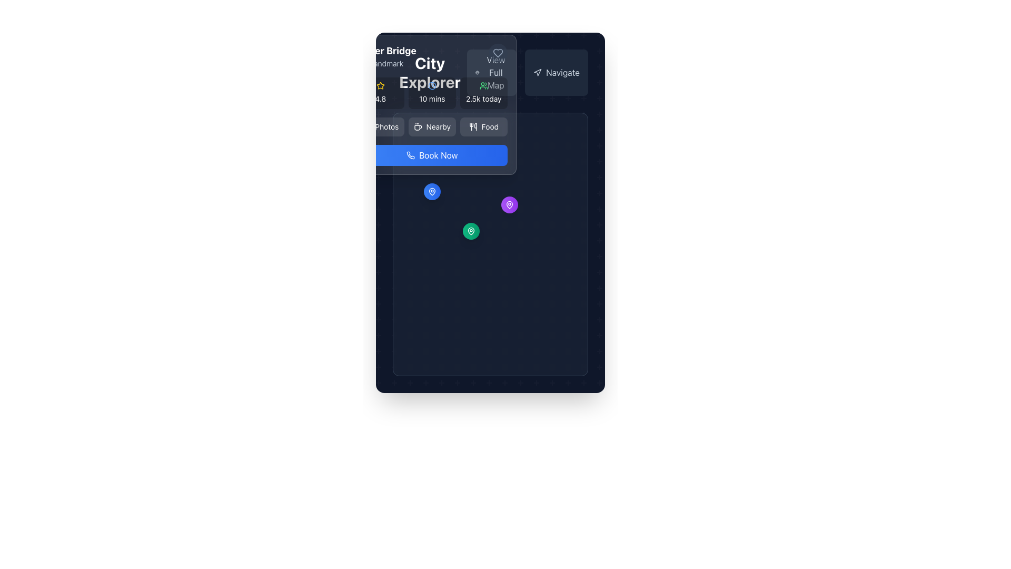 The height and width of the screenshot is (569, 1011). Describe the element at coordinates (510, 205) in the screenshot. I see `the purple map marker icon located in the top-right quadrant of the map interface, which represents a specific point of interest` at that location.